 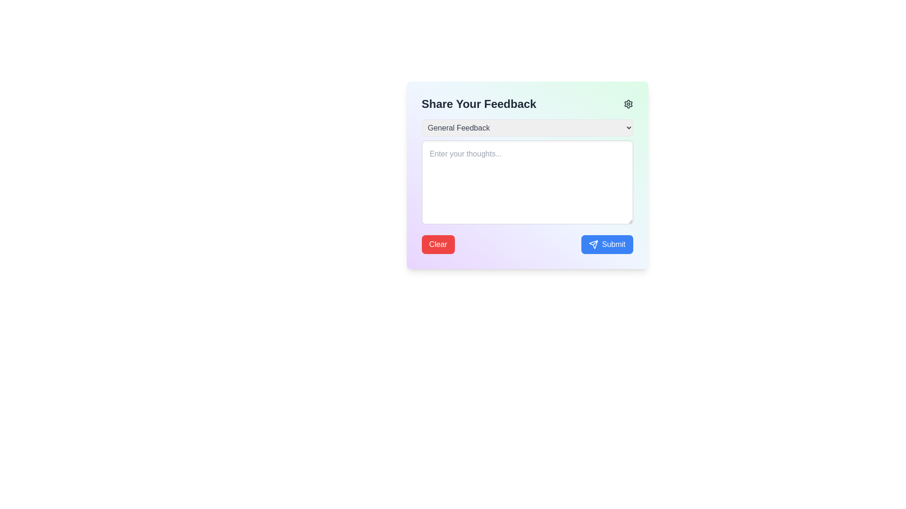 What do you see at coordinates (479, 104) in the screenshot?
I see `the static text header that serves as the title for the feedback module, located at the top-left corner of the card-like modal interface, to the immediate left of the settings icon` at bounding box center [479, 104].